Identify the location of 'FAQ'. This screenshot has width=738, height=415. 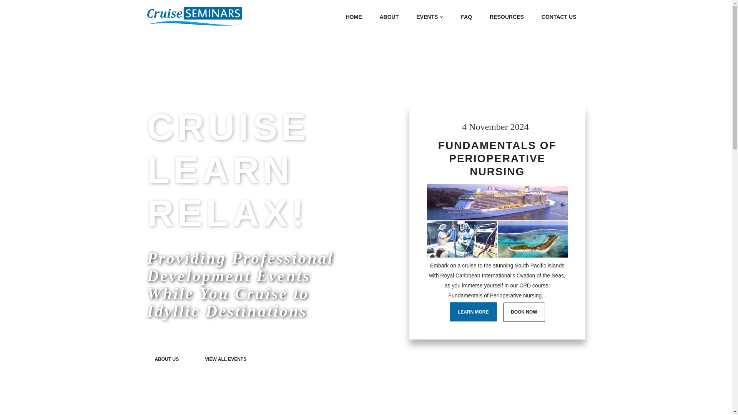
(466, 17).